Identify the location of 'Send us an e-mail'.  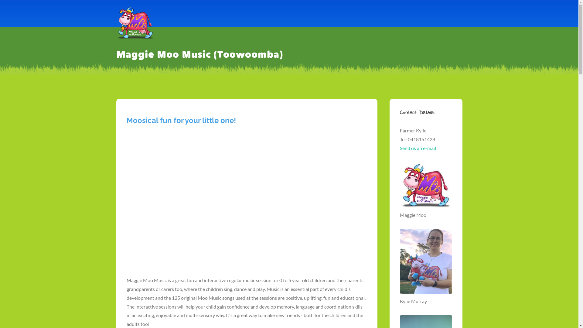
(417, 148).